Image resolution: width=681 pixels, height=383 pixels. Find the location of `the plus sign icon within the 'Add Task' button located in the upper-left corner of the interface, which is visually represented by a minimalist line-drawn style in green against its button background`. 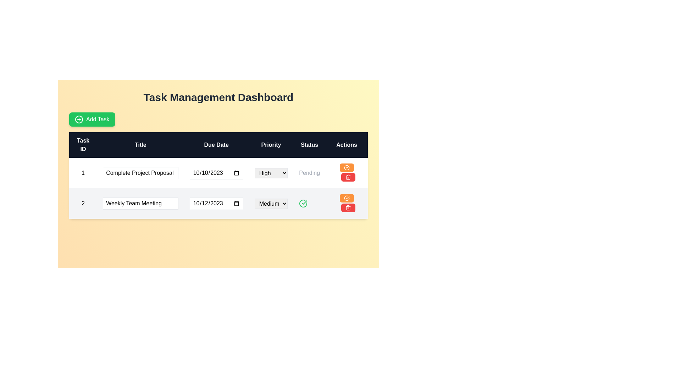

the plus sign icon within the 'Add Task' button located in the upper-left corner of the interface, which is visually represented by a minimalist line-drawn style in green against its button background is located at coordinates (79, 119).